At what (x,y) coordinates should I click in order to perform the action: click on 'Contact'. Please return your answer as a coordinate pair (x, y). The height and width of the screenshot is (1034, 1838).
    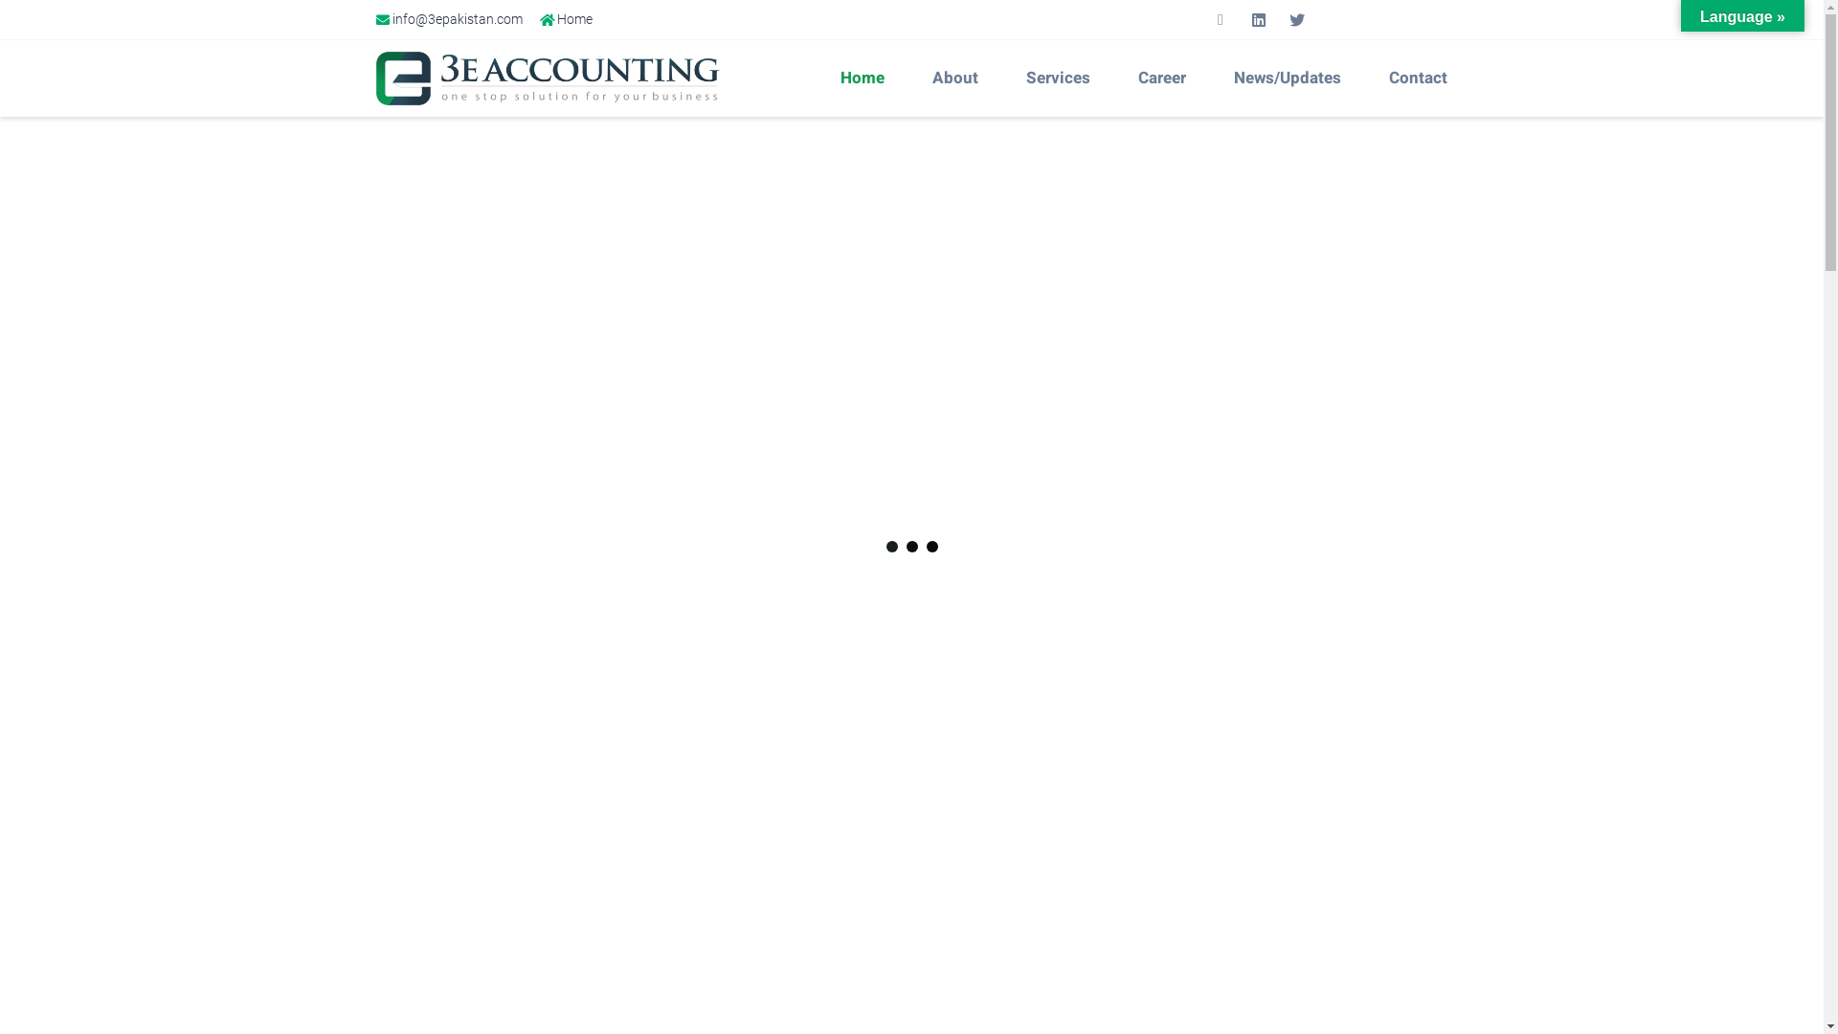
    Looking at the image, I should click on (1423, 77).